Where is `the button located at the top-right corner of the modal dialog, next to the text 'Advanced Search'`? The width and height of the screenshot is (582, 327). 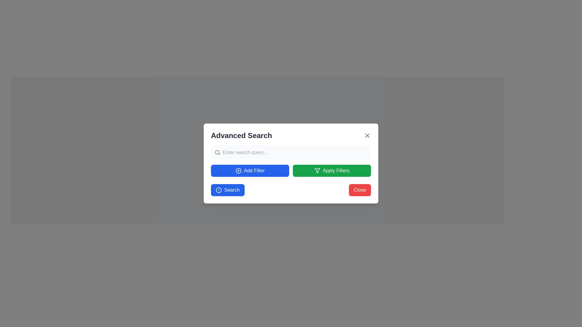 the button located at the top-right corner of the modal dialog, next to the text 'Advanced Search' is located at coordinates (367, 135).